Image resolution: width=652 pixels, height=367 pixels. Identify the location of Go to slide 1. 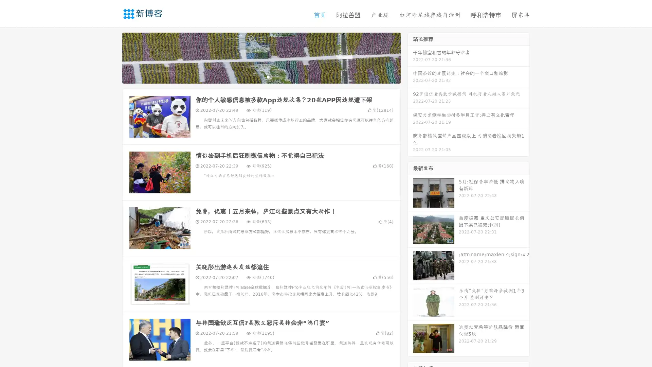
(254, 76).